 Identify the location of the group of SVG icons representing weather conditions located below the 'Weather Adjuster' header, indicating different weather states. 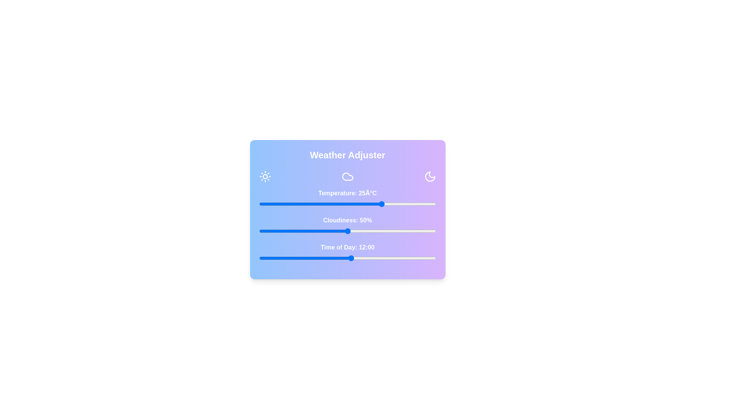
(347, 176).